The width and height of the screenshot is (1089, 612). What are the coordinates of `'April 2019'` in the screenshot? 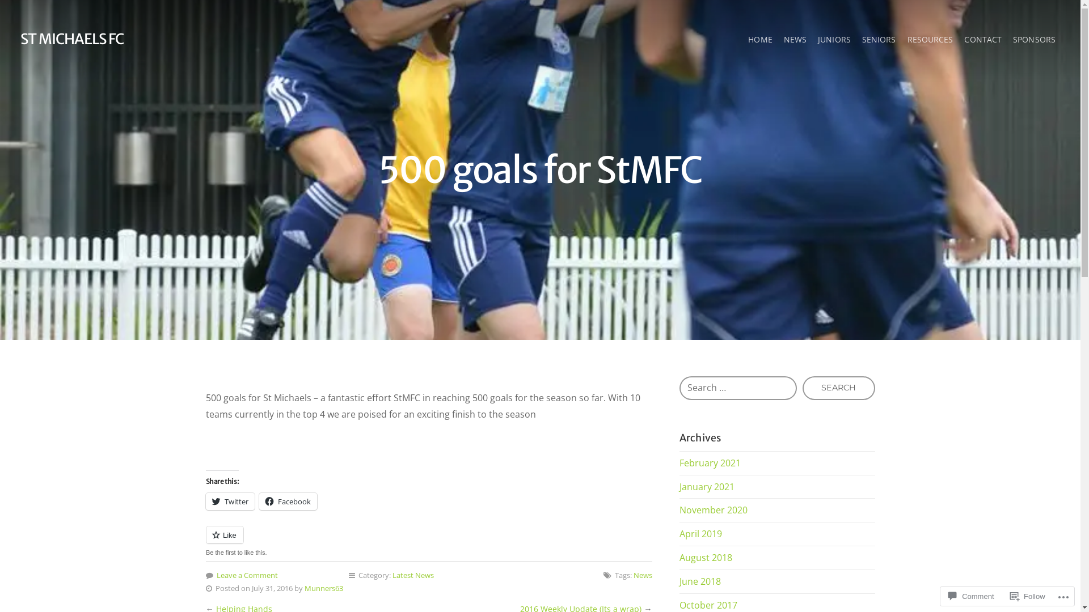 It's located at (700, 533).